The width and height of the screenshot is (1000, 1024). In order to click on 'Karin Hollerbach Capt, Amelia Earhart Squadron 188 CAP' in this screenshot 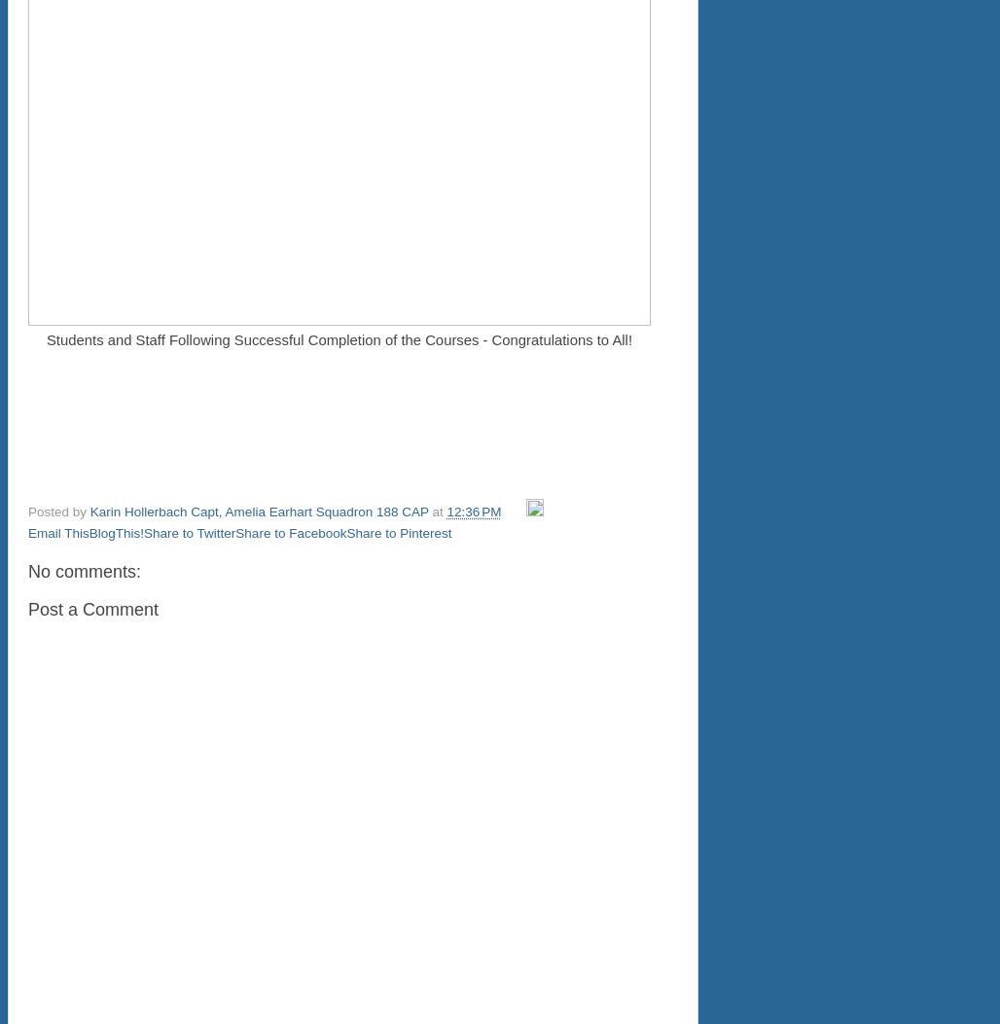, I will do `click(89, 512)`.